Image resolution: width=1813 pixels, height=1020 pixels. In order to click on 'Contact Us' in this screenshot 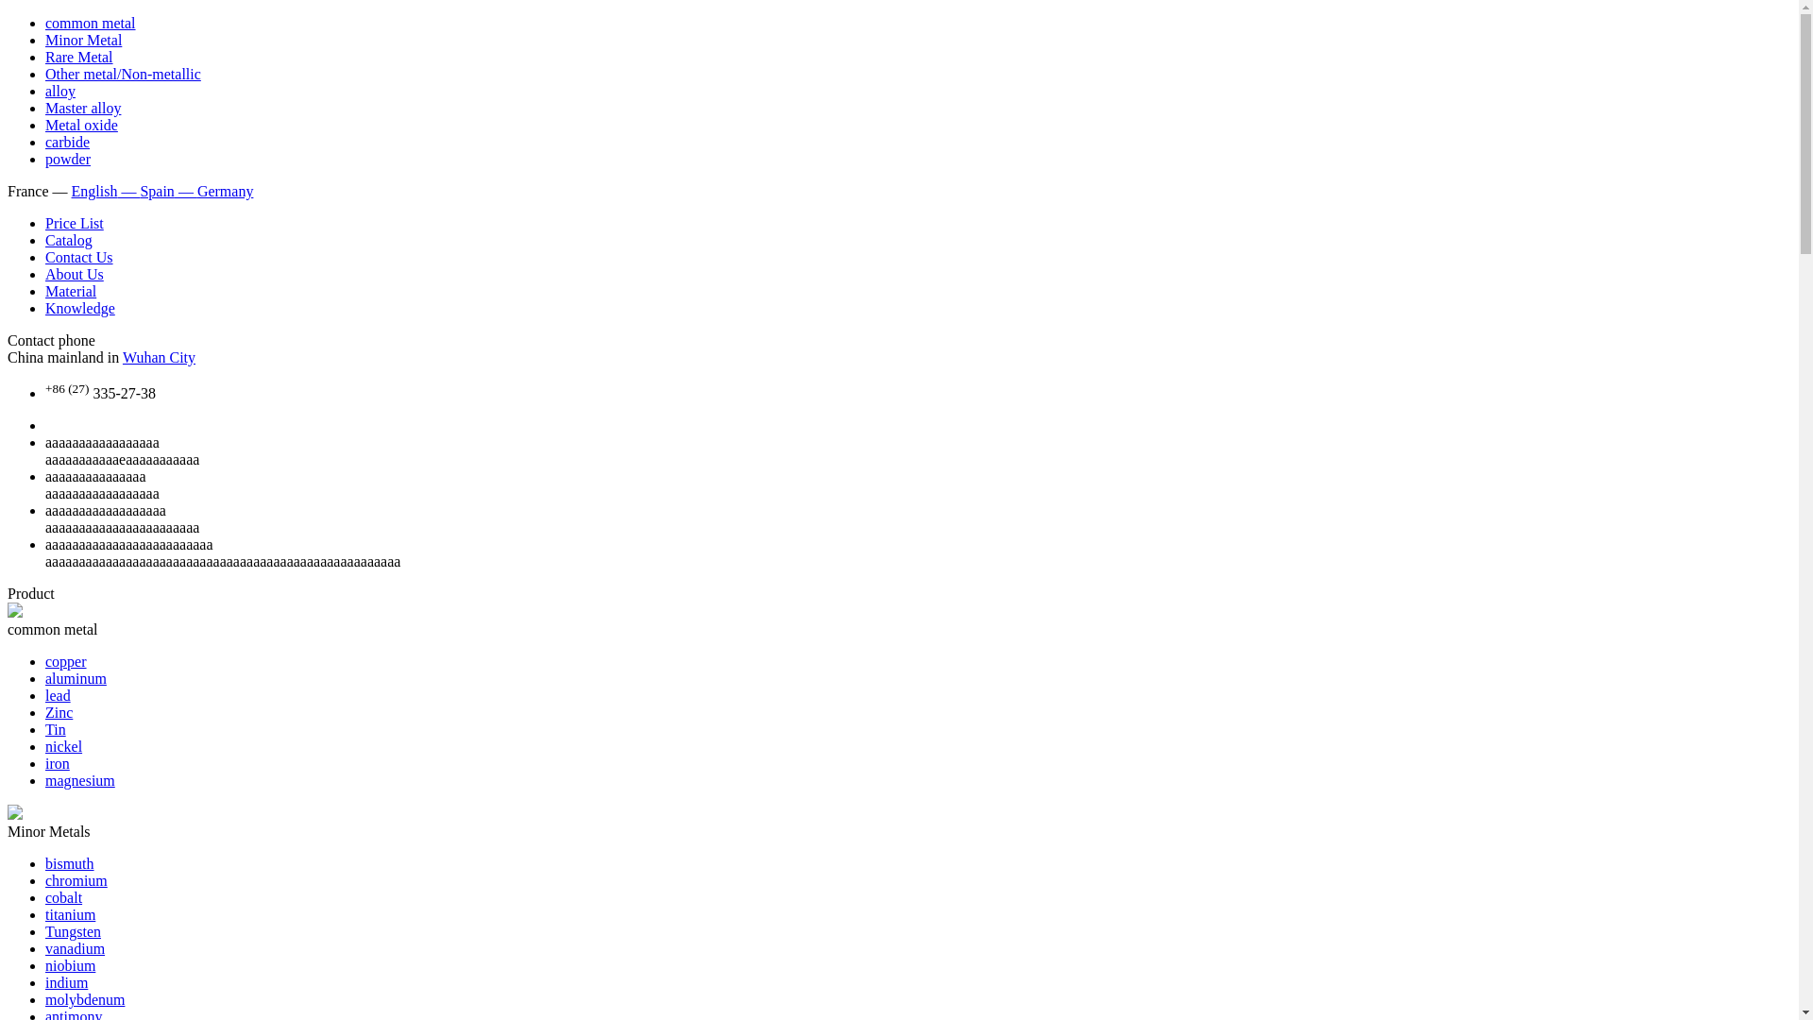, I will do `click(77, 257)`.